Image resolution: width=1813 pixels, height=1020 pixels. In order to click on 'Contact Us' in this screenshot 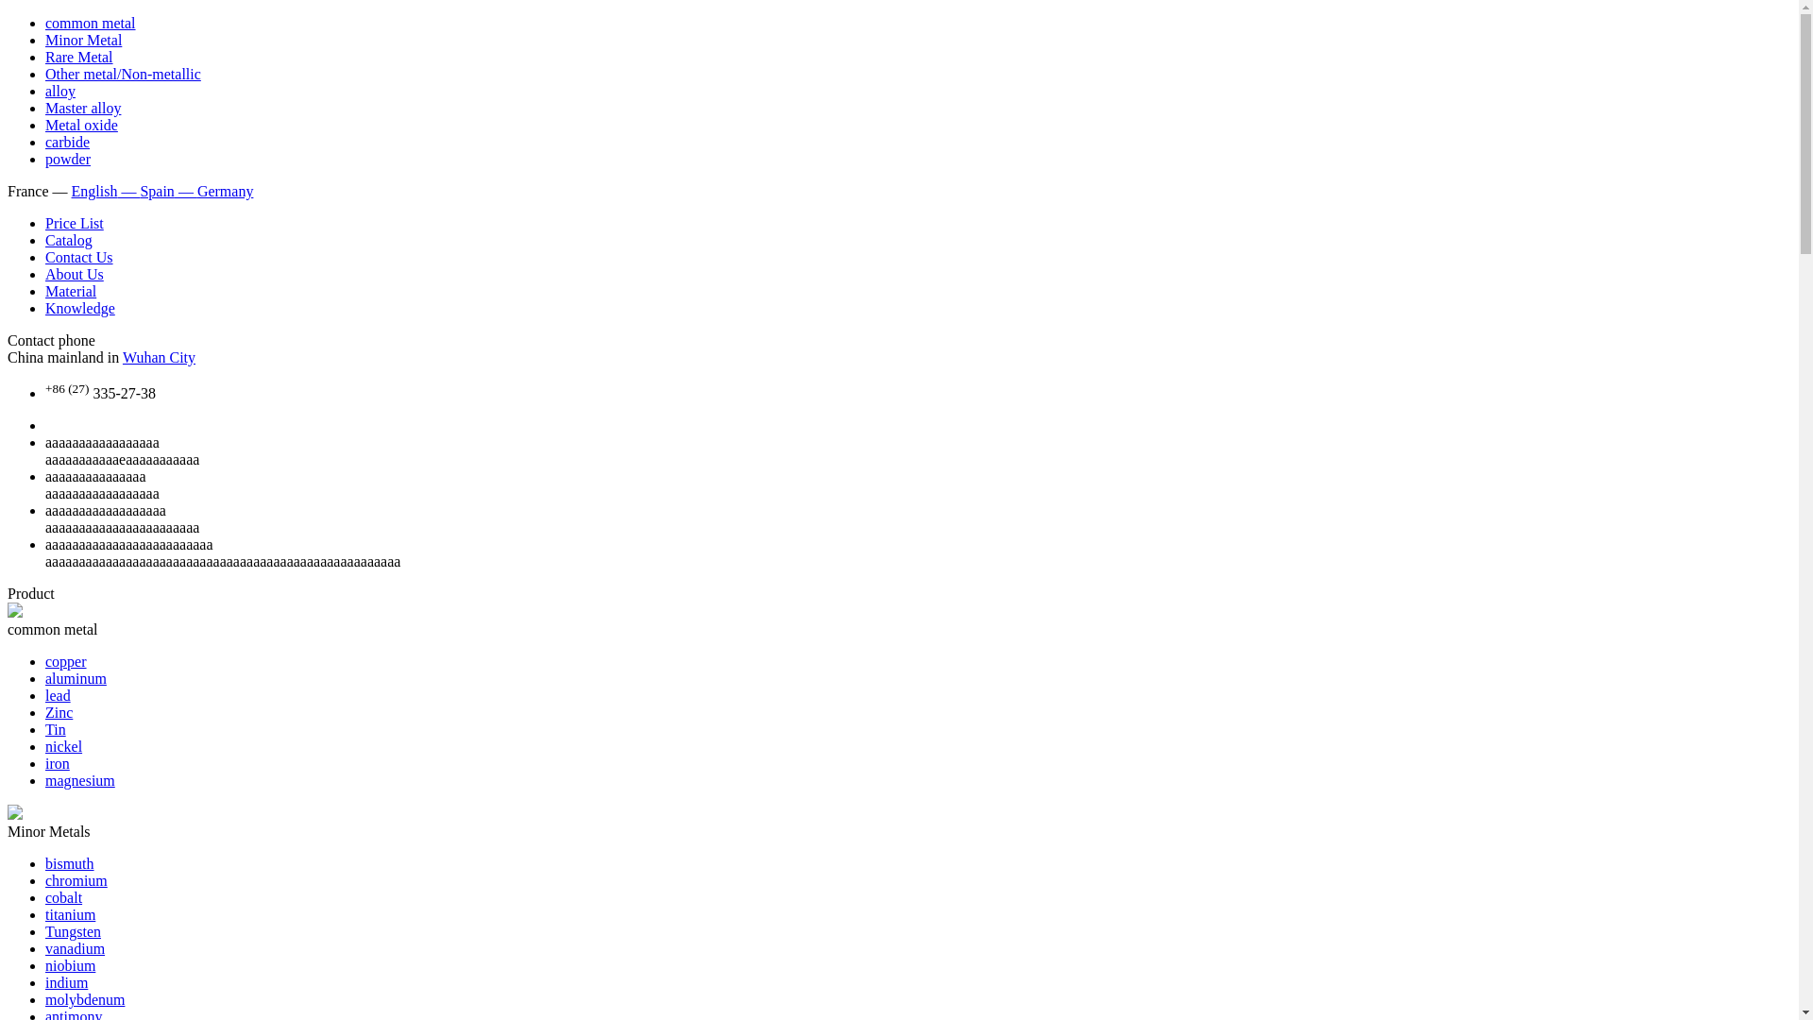, I will do `click(77, 257)`.